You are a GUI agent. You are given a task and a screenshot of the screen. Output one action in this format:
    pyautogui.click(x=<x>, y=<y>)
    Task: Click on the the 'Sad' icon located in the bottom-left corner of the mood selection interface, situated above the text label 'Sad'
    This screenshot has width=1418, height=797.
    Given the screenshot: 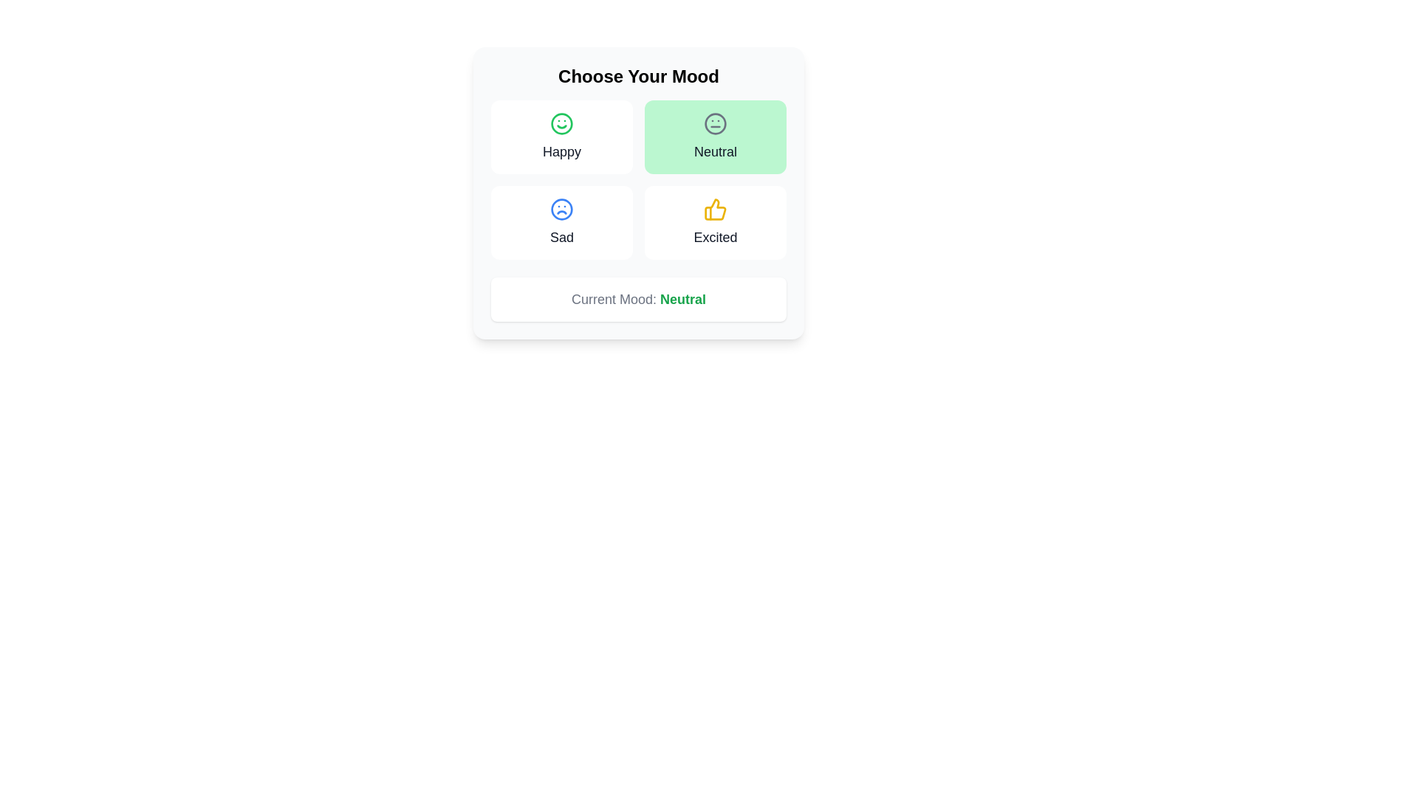 What is the action you would take?
    pyautogui.click(x=561, y=210)
    